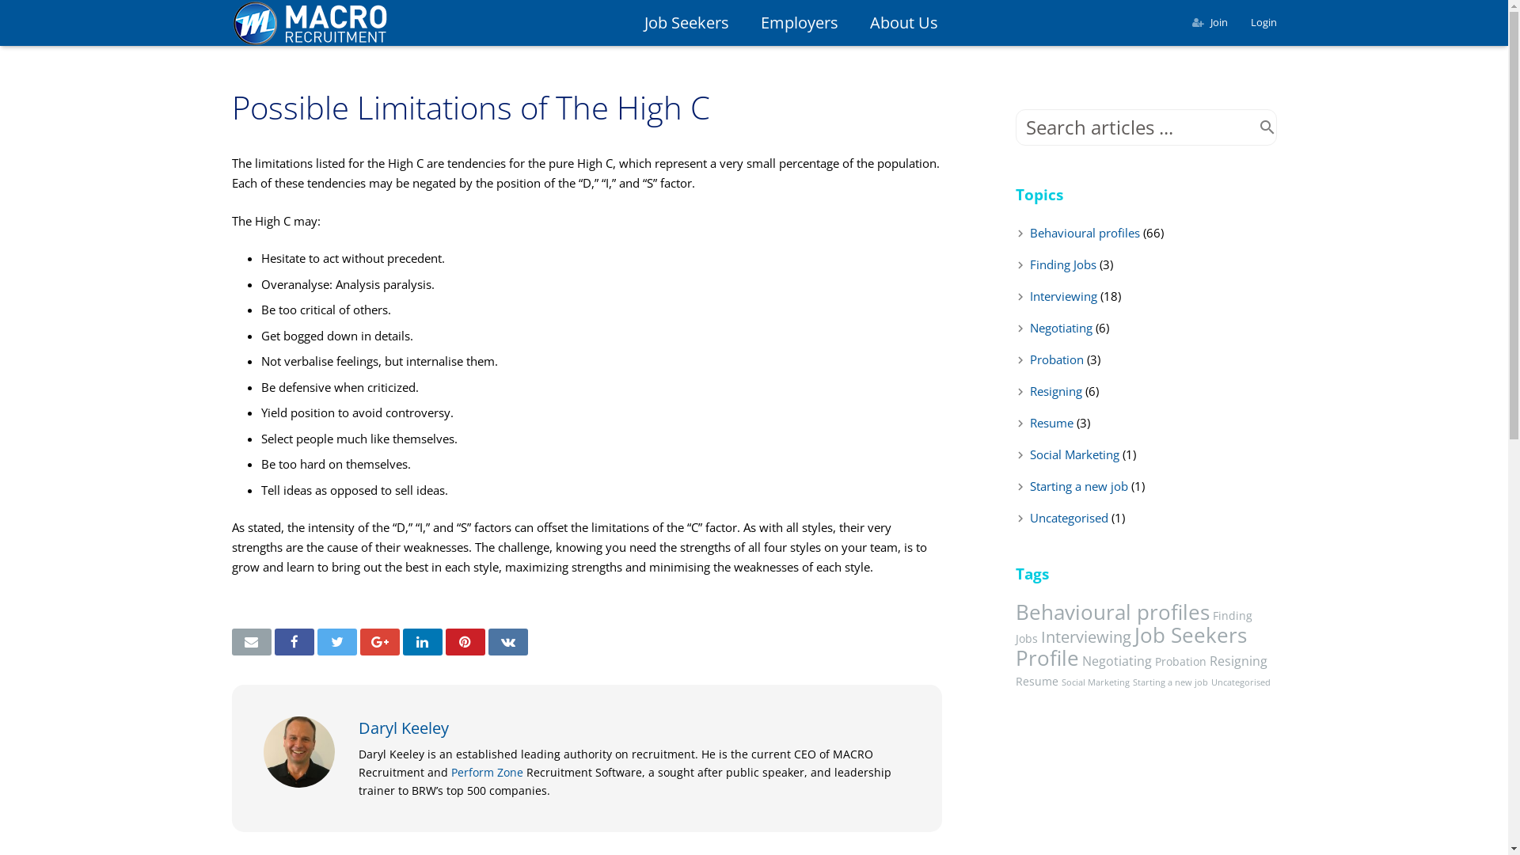 This screenshot has height=855, width=1520. Describe the element at coordinates (743, 23) in the screenshot. I see `'Employers'` at that location.